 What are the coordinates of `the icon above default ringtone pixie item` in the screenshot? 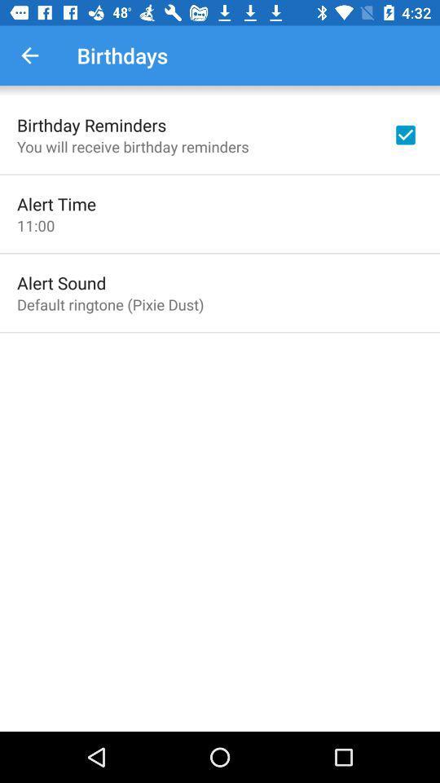 It's located at (60, 282).